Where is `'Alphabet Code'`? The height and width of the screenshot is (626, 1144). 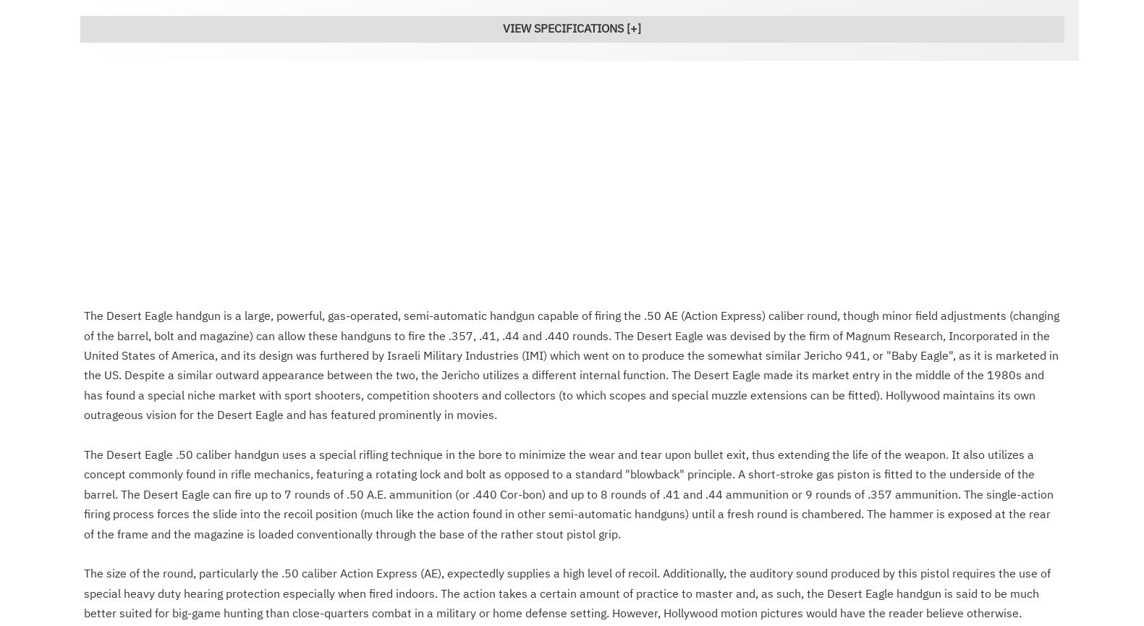 'Alphabet Code' is located at coordinates (674, 614).